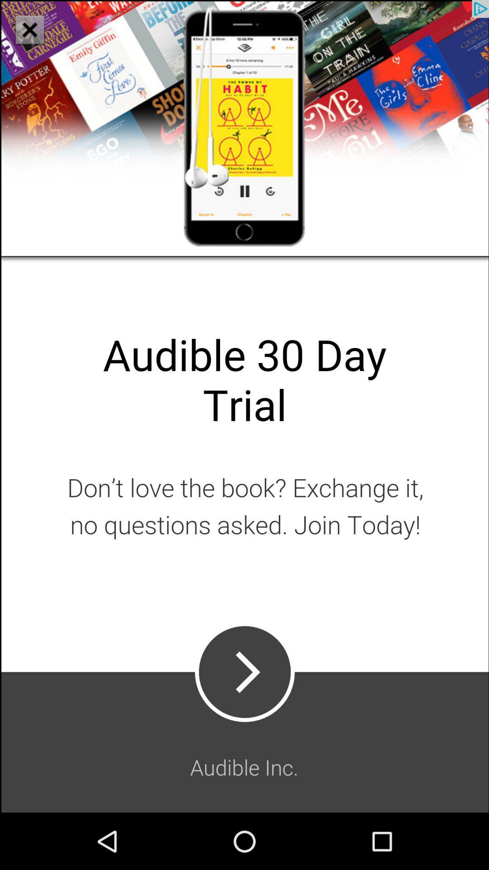 The height and width of the screenshot is (870, 489). Describe the element at coordinates (29, 32) in the screenshot. I see `the close icon` at that location.